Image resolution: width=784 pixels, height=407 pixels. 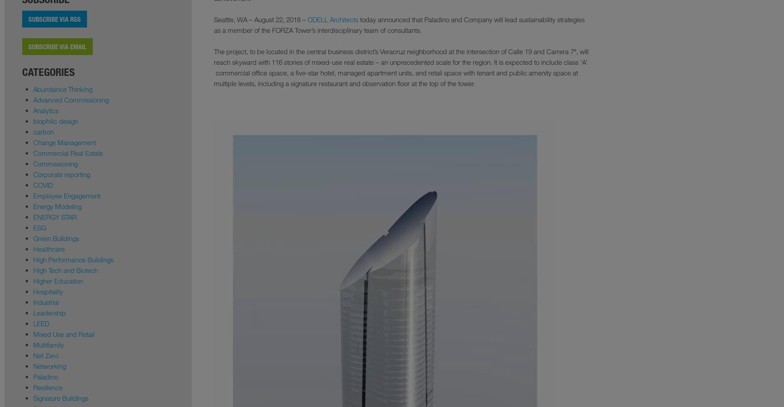 I want to click on 'Multifamily', so click(x=48, y=344).